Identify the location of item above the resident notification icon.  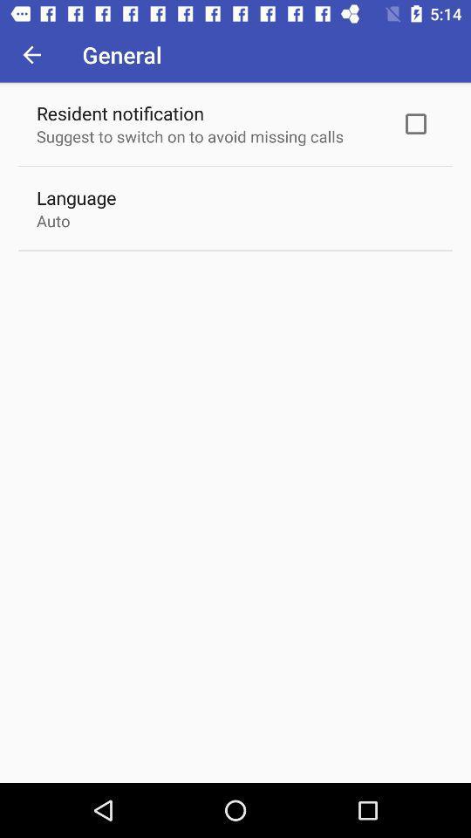
(31, 54).